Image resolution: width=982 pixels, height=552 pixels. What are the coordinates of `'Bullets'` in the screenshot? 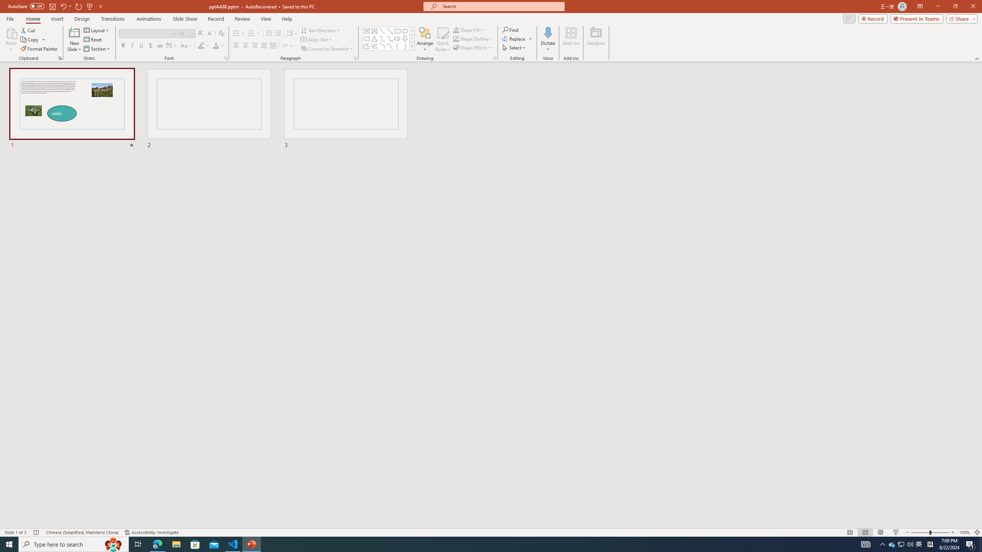 It's located at (236, 33).